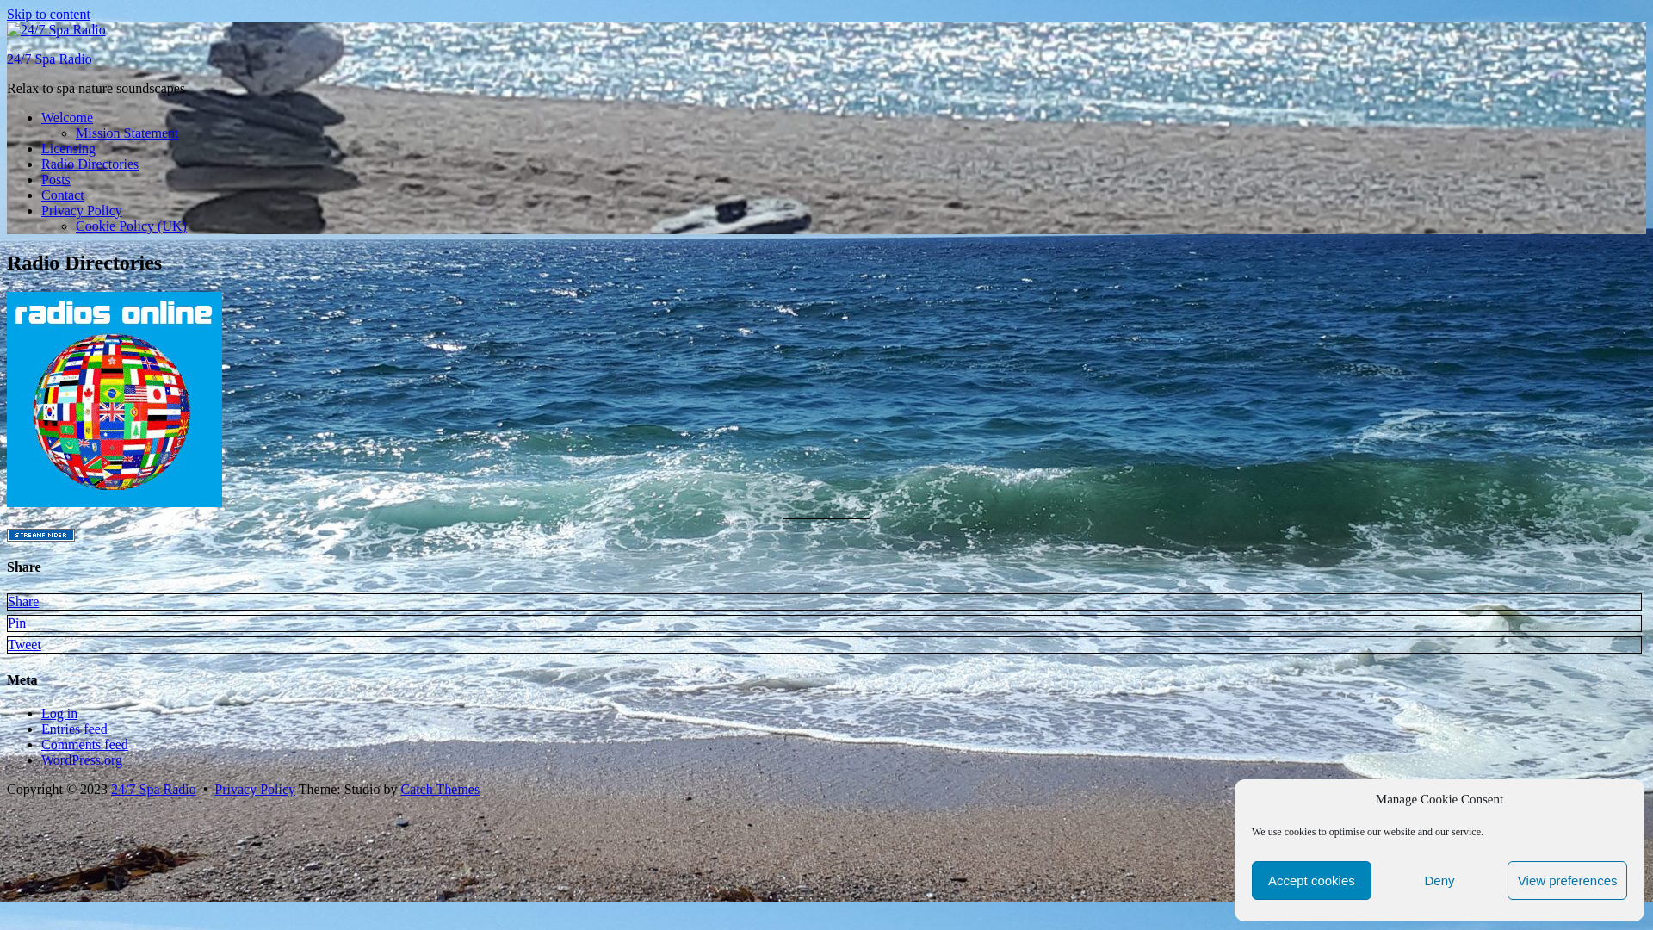  Describe the element at coordinates (127, 132) in the screenshot. I see `'Mission Statement'` at that location.